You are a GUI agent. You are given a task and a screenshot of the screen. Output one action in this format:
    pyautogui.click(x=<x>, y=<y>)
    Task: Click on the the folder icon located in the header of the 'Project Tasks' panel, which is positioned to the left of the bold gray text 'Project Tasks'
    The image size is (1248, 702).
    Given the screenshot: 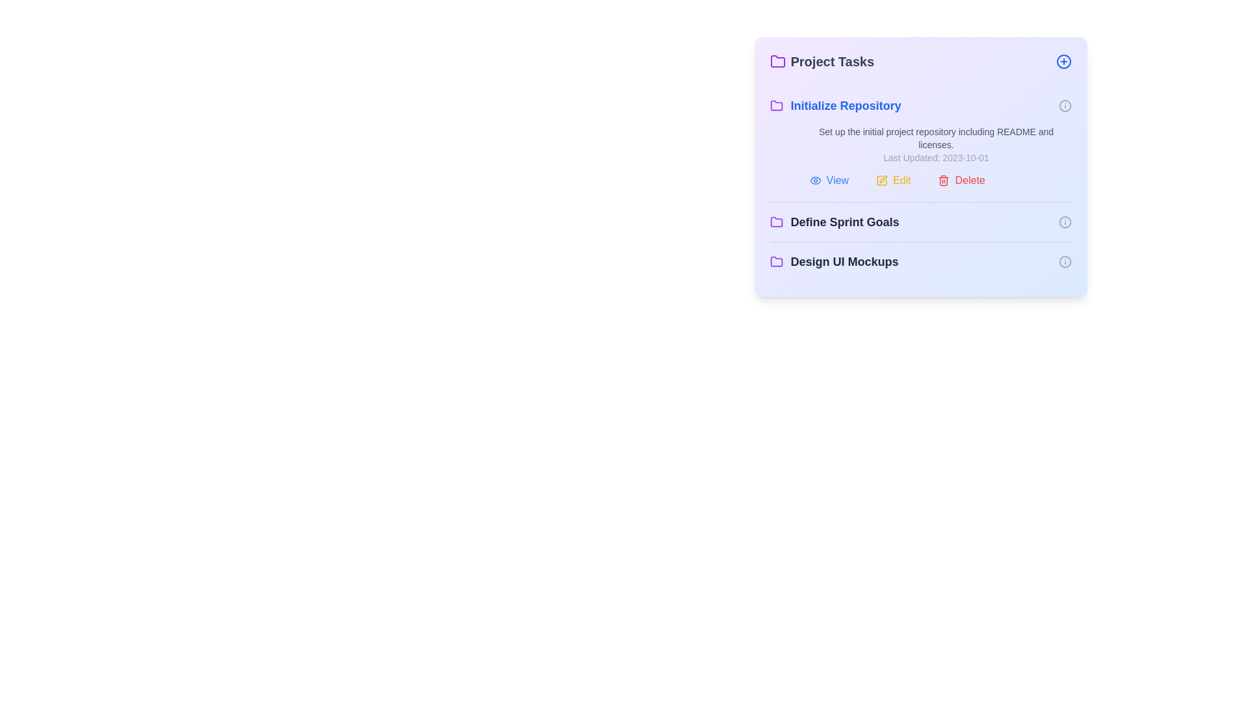 What is the action you would take?
    pyautogui.click(x=777, y=62)
    